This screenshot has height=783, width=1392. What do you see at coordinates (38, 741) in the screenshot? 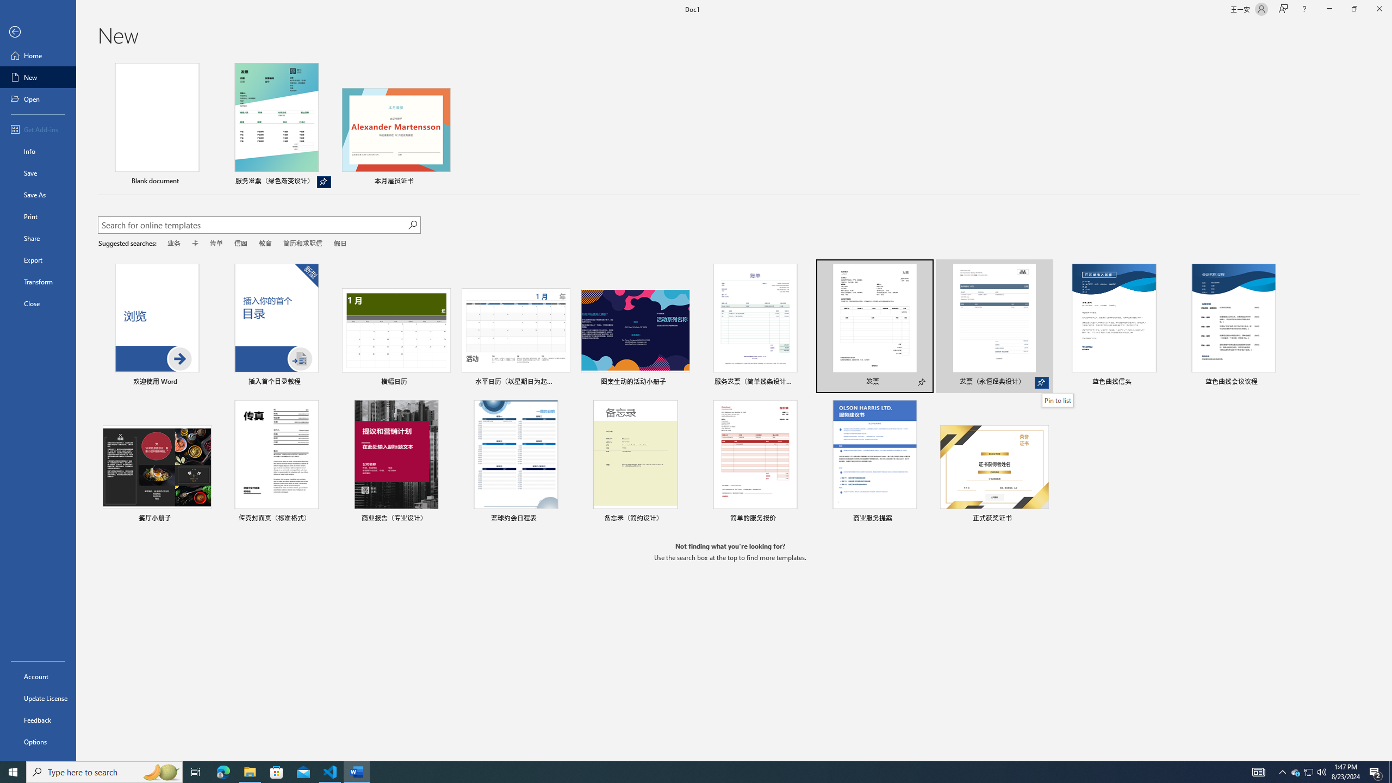
I see `'Options'` at bounding box center [38, 741].